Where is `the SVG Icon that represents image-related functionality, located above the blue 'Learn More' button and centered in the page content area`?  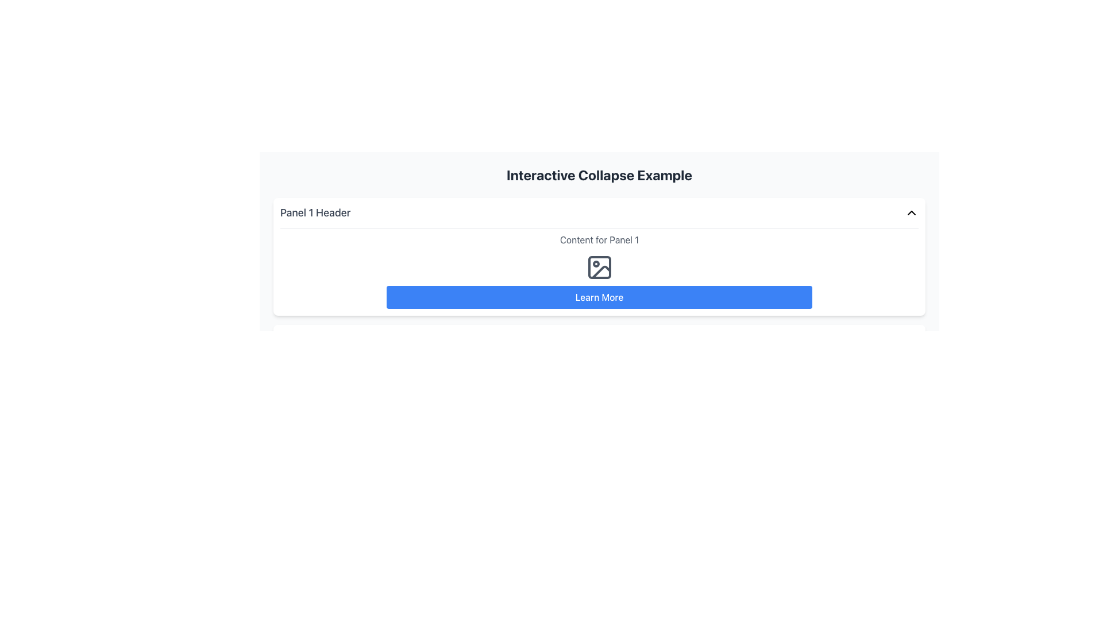 the SVG Icon that represents image-related functionality, located above the blue 'Learn More' button and centered in the page content area is located at coordinates (599, 268).